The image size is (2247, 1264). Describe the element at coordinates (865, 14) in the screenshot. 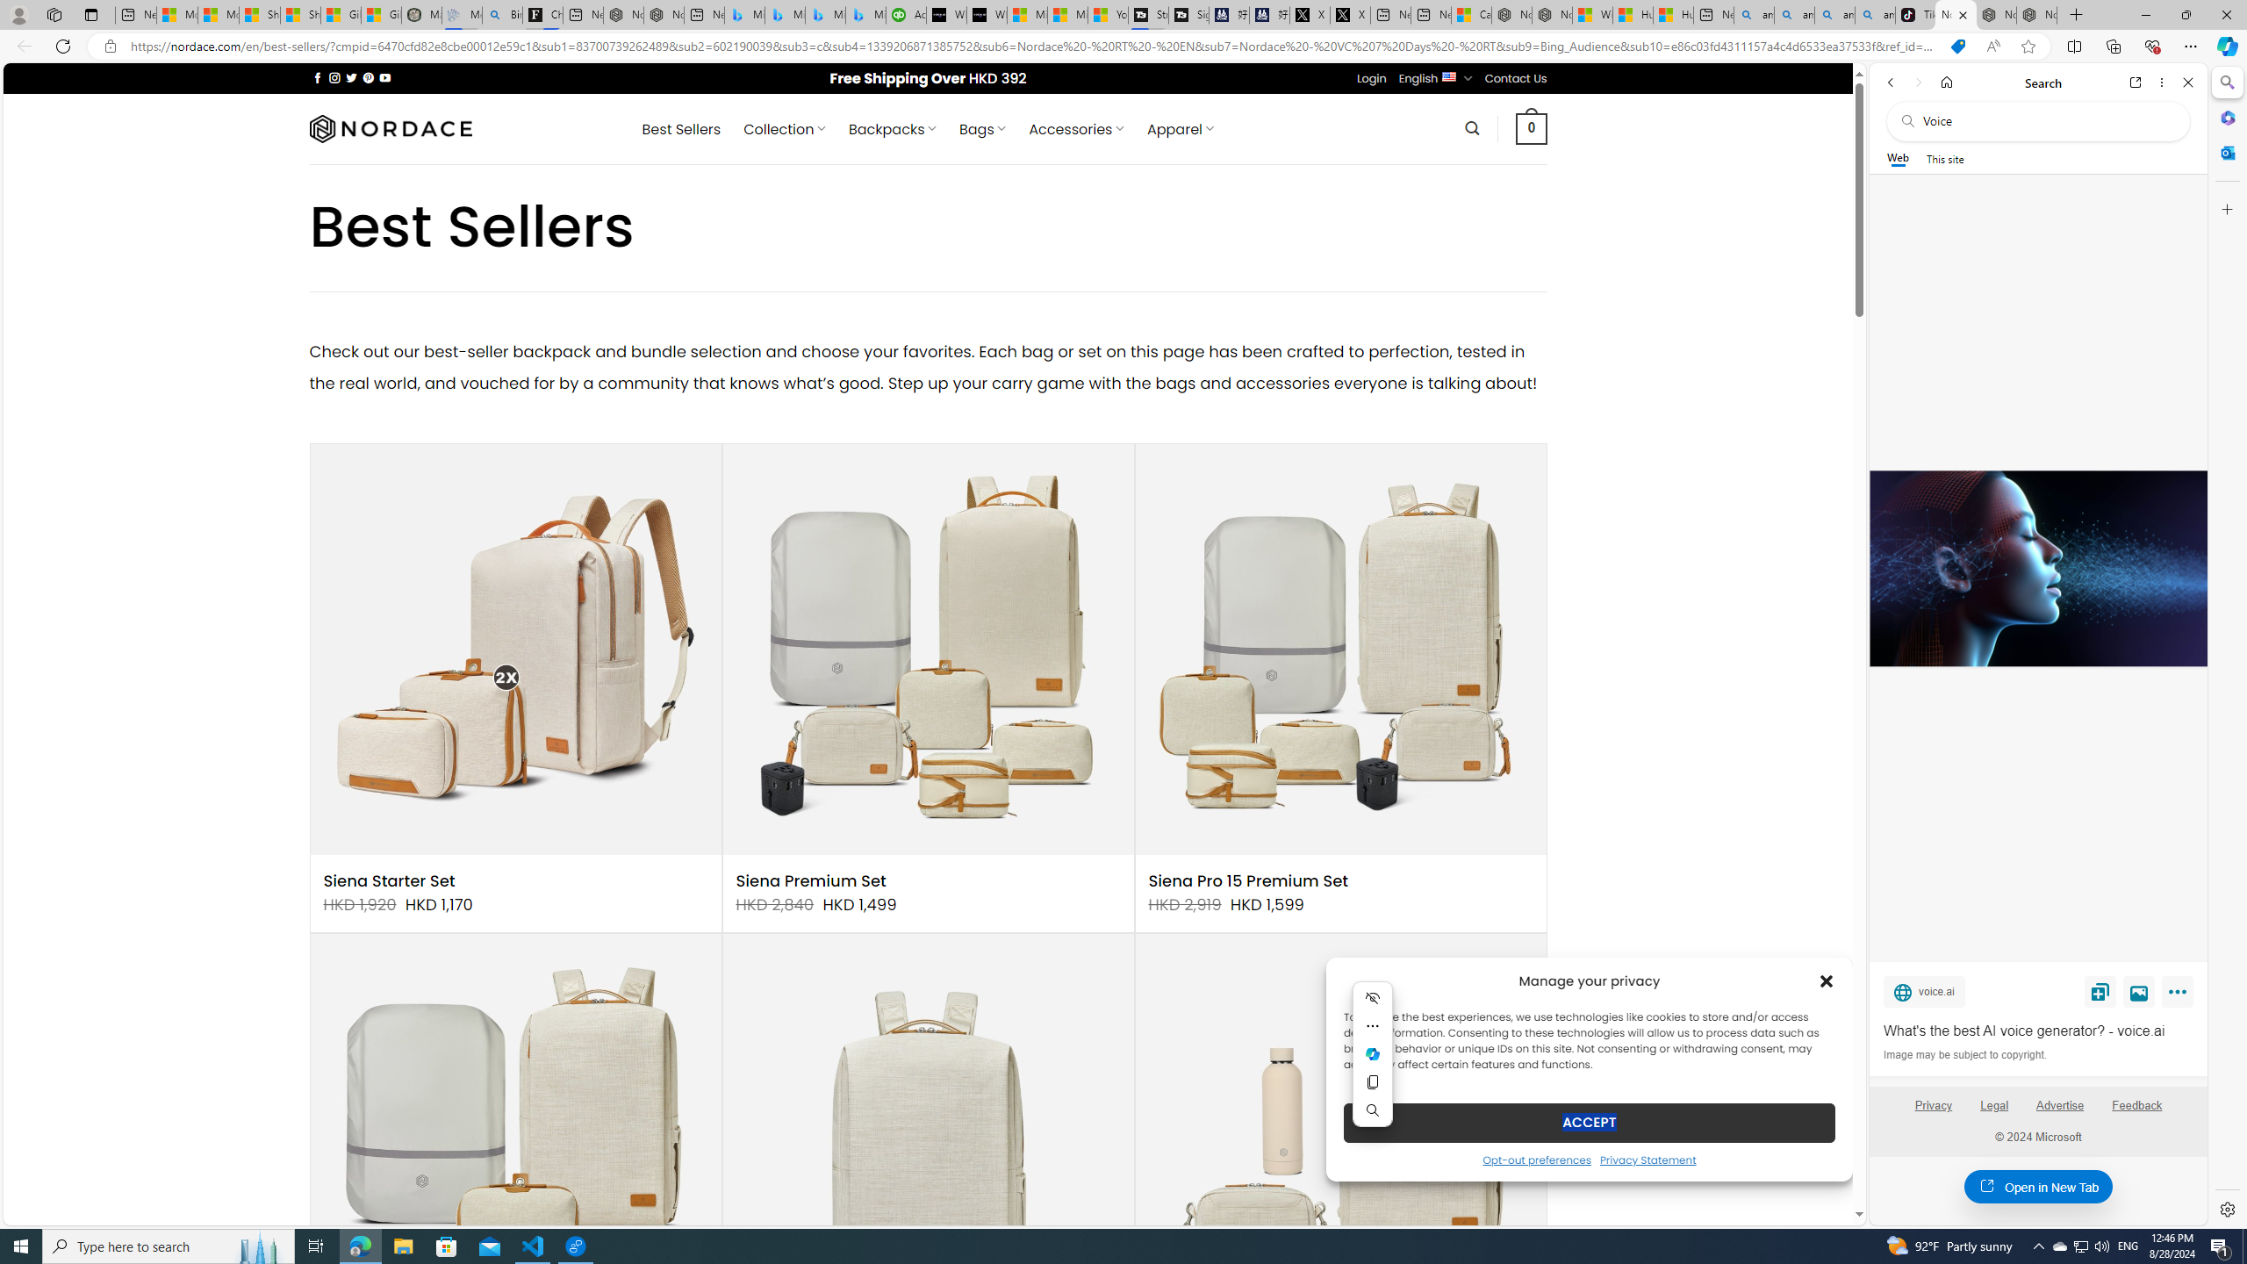

I see `'Microsoft Bing Travel - Shangri-La Hotel Bangkok'` at that location.